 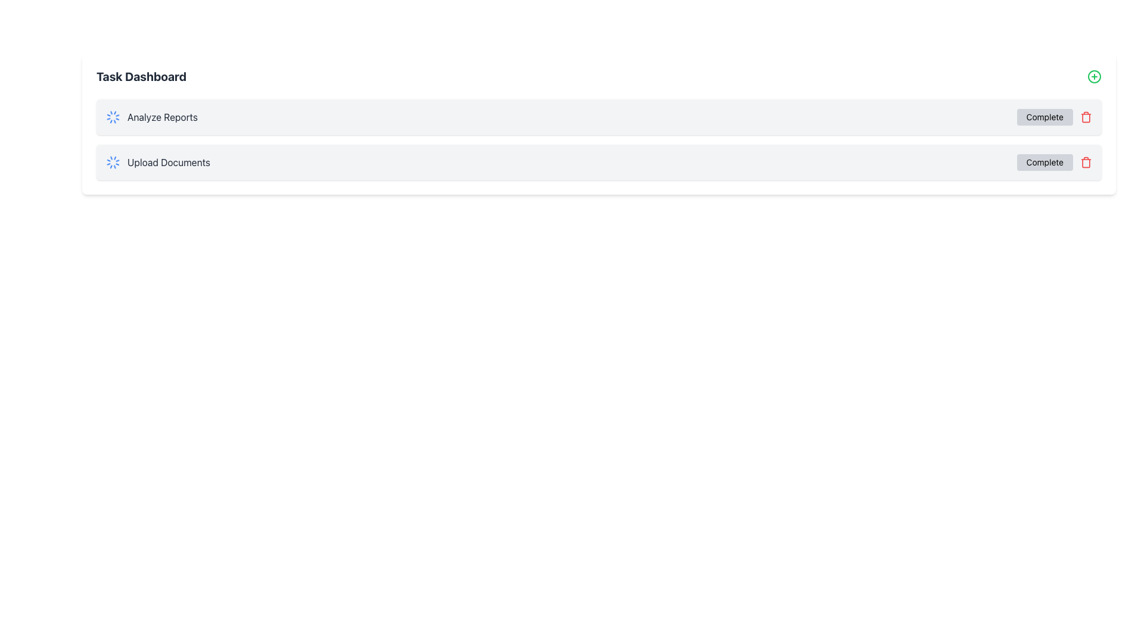 I want to click on the 'Mark as Complete' button located in the 'Upload Documents' row of the 'Task Dashboard', so click(x=1044, y=163).